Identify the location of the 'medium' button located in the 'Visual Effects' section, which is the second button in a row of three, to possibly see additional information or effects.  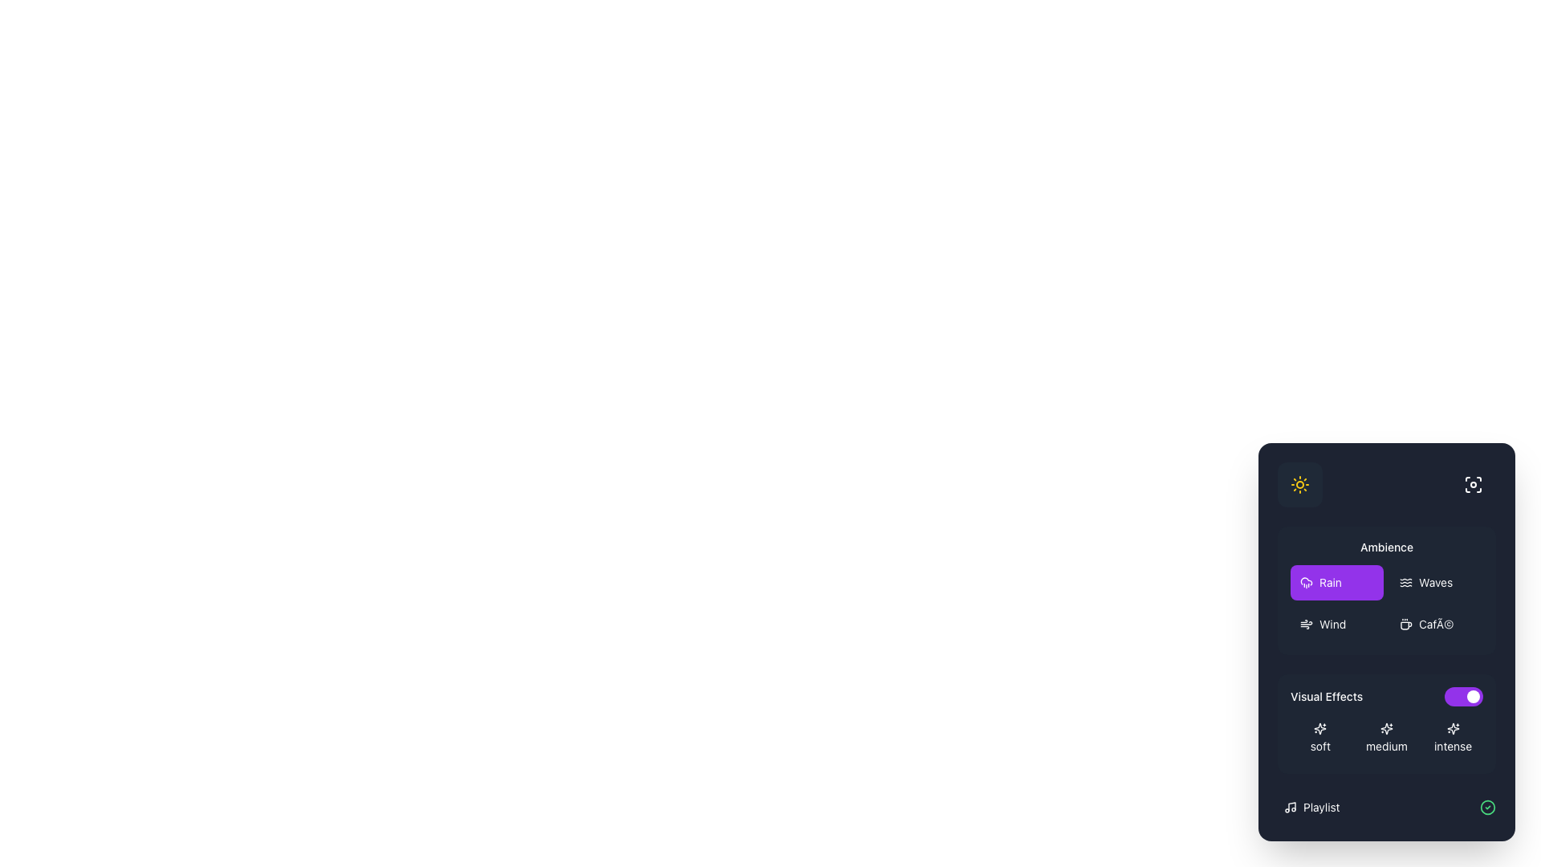
(1386, 739).